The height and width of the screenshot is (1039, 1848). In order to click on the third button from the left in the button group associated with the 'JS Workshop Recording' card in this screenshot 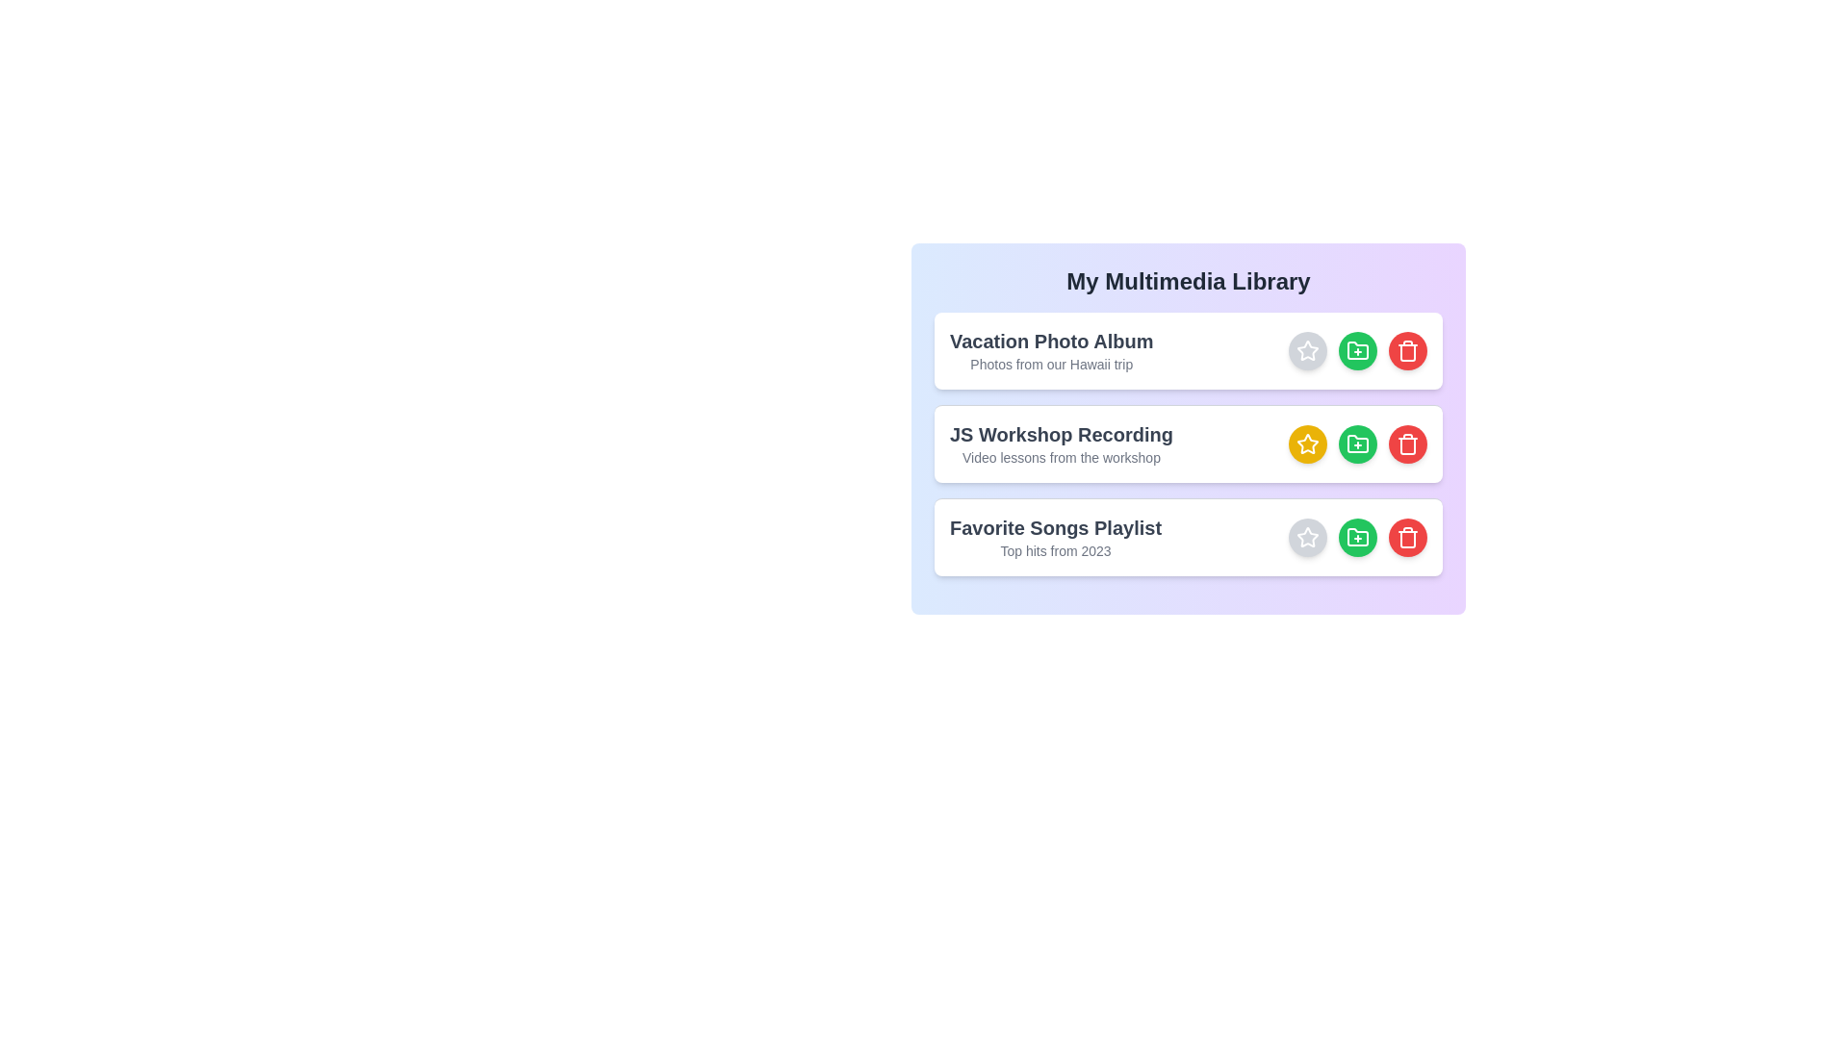, I will do `click(1357, 444)`.